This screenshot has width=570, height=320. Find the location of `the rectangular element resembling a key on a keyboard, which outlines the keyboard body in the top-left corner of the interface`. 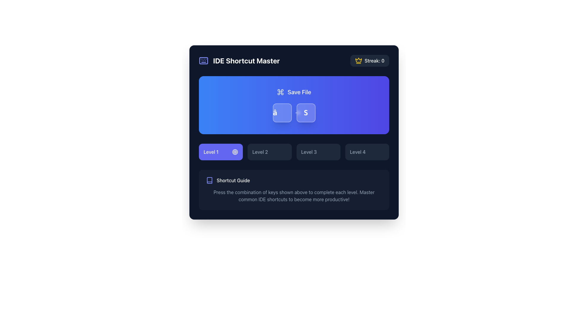

the rectangular element resembling a key on a keyboard, which outlines the keyboard body in the top-left corner of the interface is located at coordinates (204, 60).